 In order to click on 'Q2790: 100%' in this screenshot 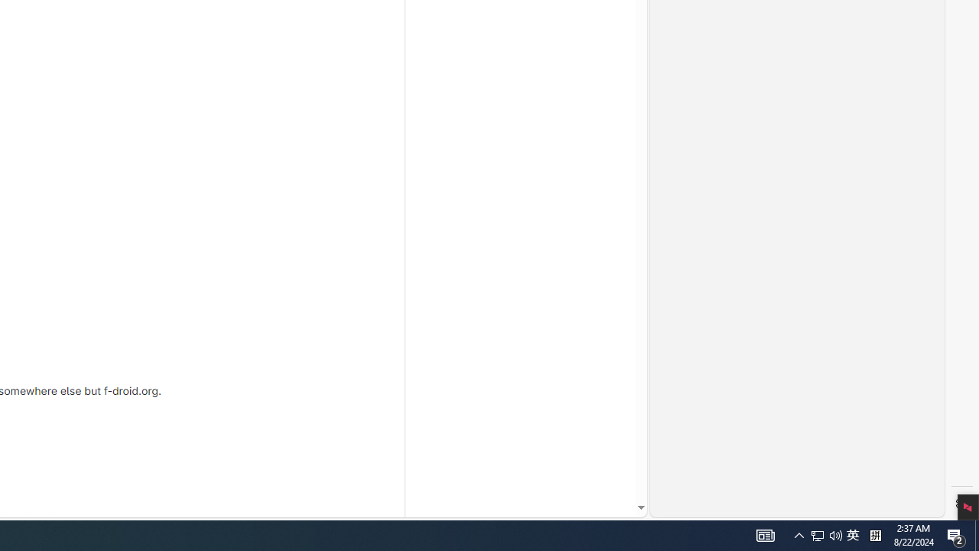, I will do `click(798, 534)`.